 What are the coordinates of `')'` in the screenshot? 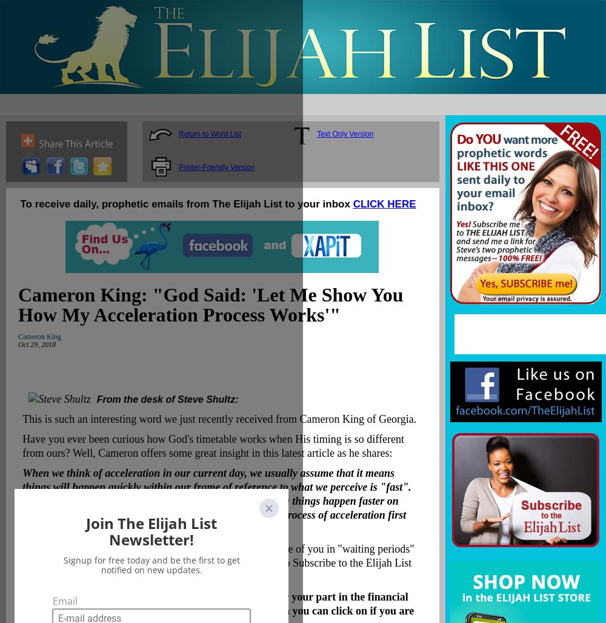 It's located at (88, 577).